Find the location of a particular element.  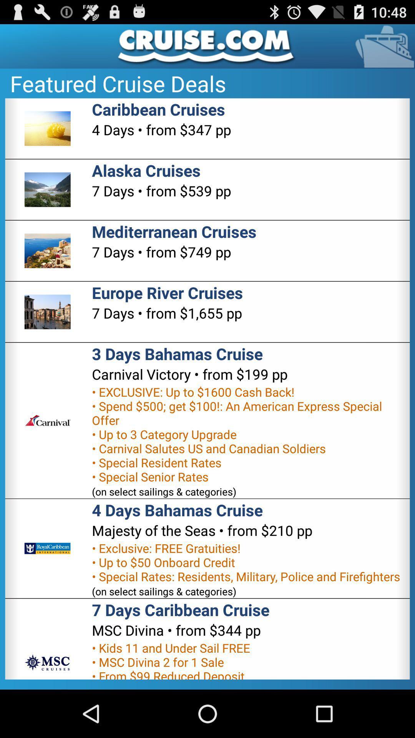

mediterranean cruises is located at coordinates (174, 231).